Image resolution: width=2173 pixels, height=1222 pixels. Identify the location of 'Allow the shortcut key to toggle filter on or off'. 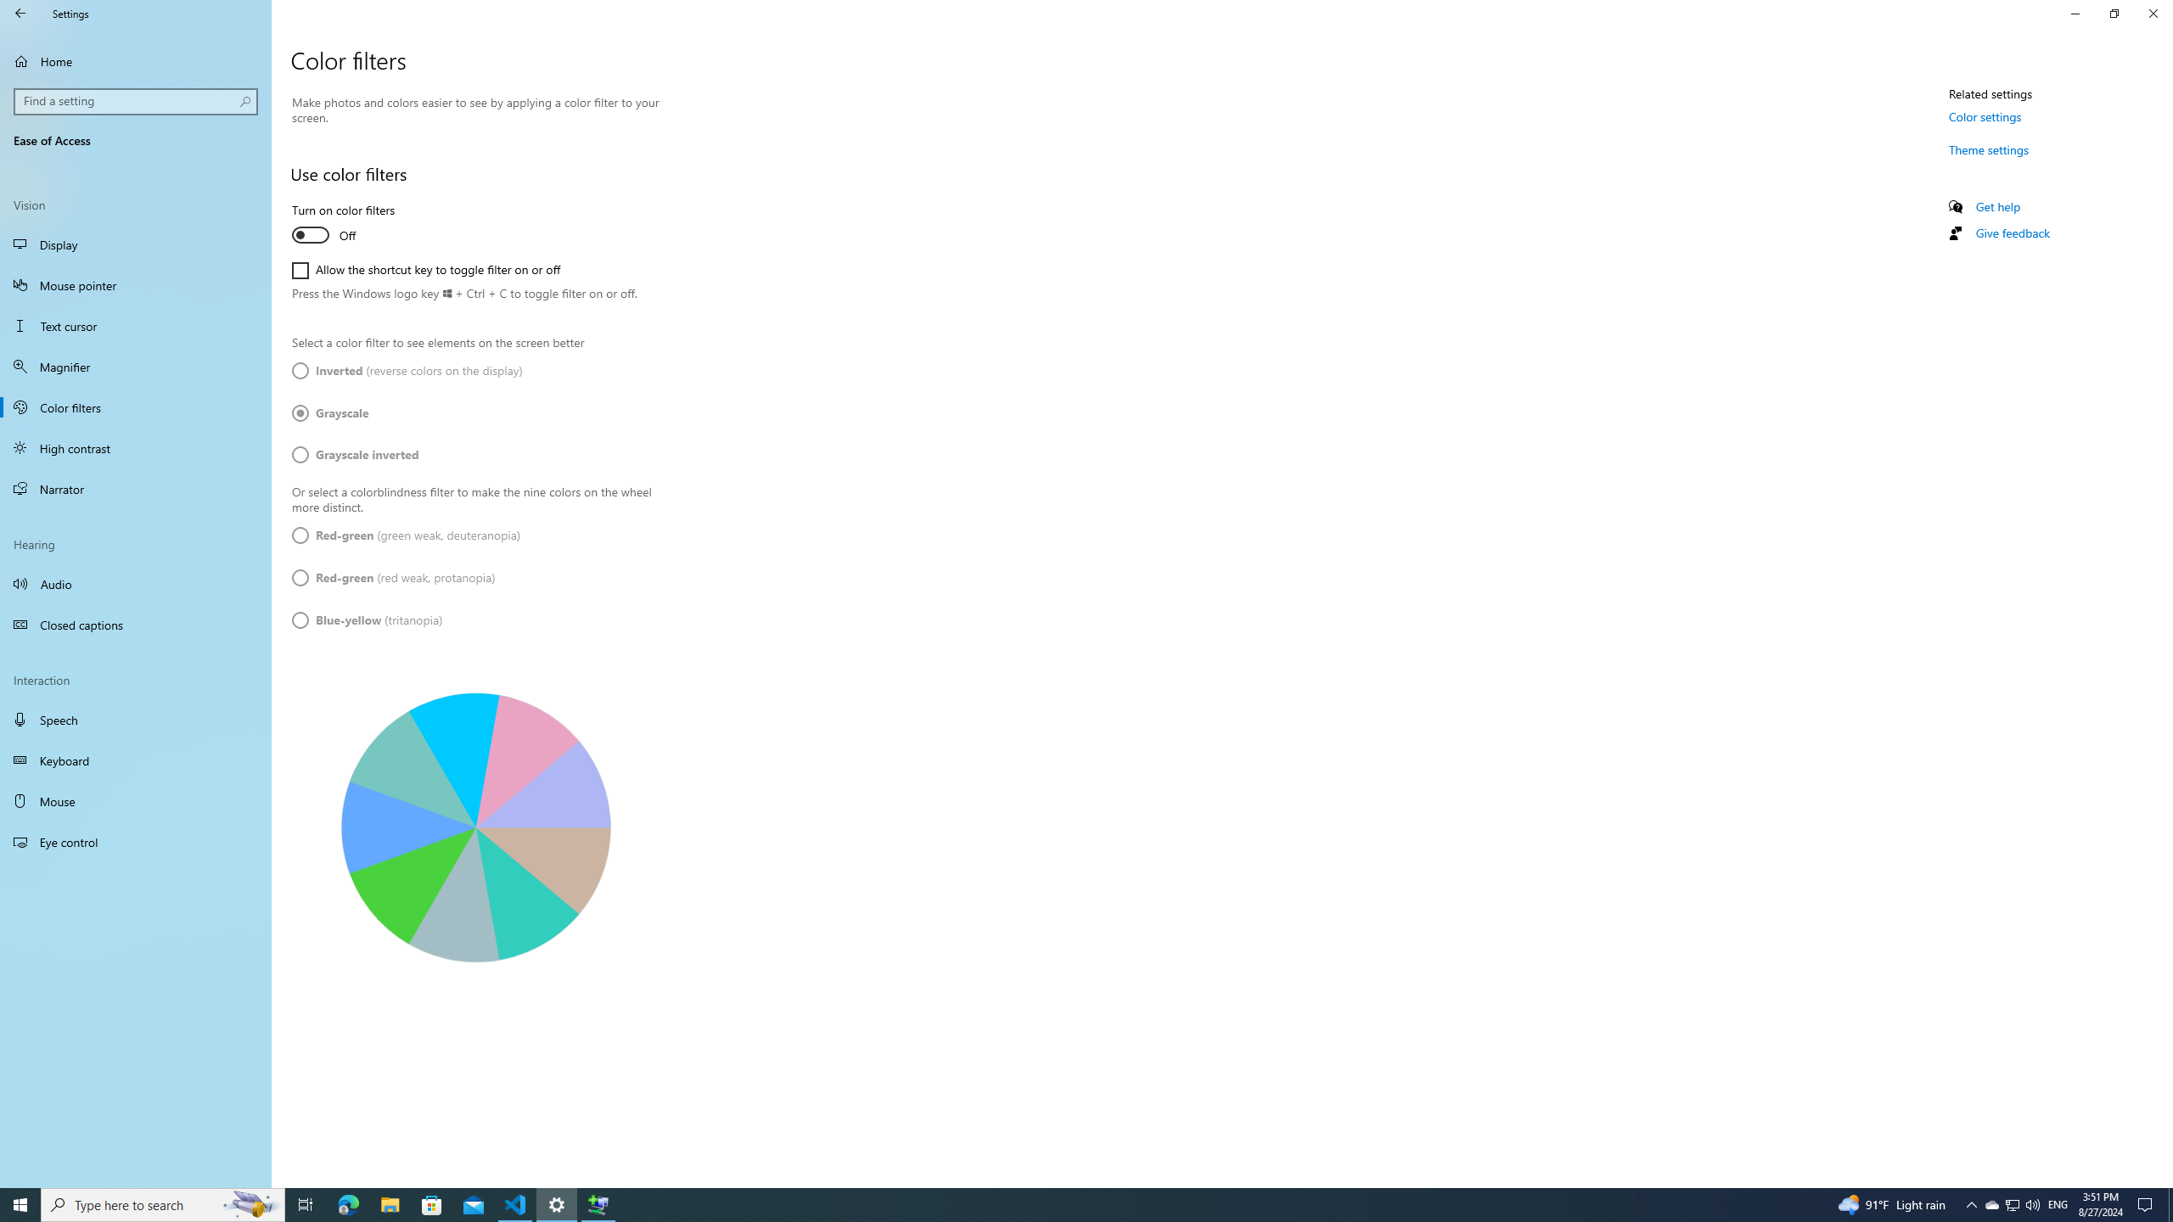
(425, 269).